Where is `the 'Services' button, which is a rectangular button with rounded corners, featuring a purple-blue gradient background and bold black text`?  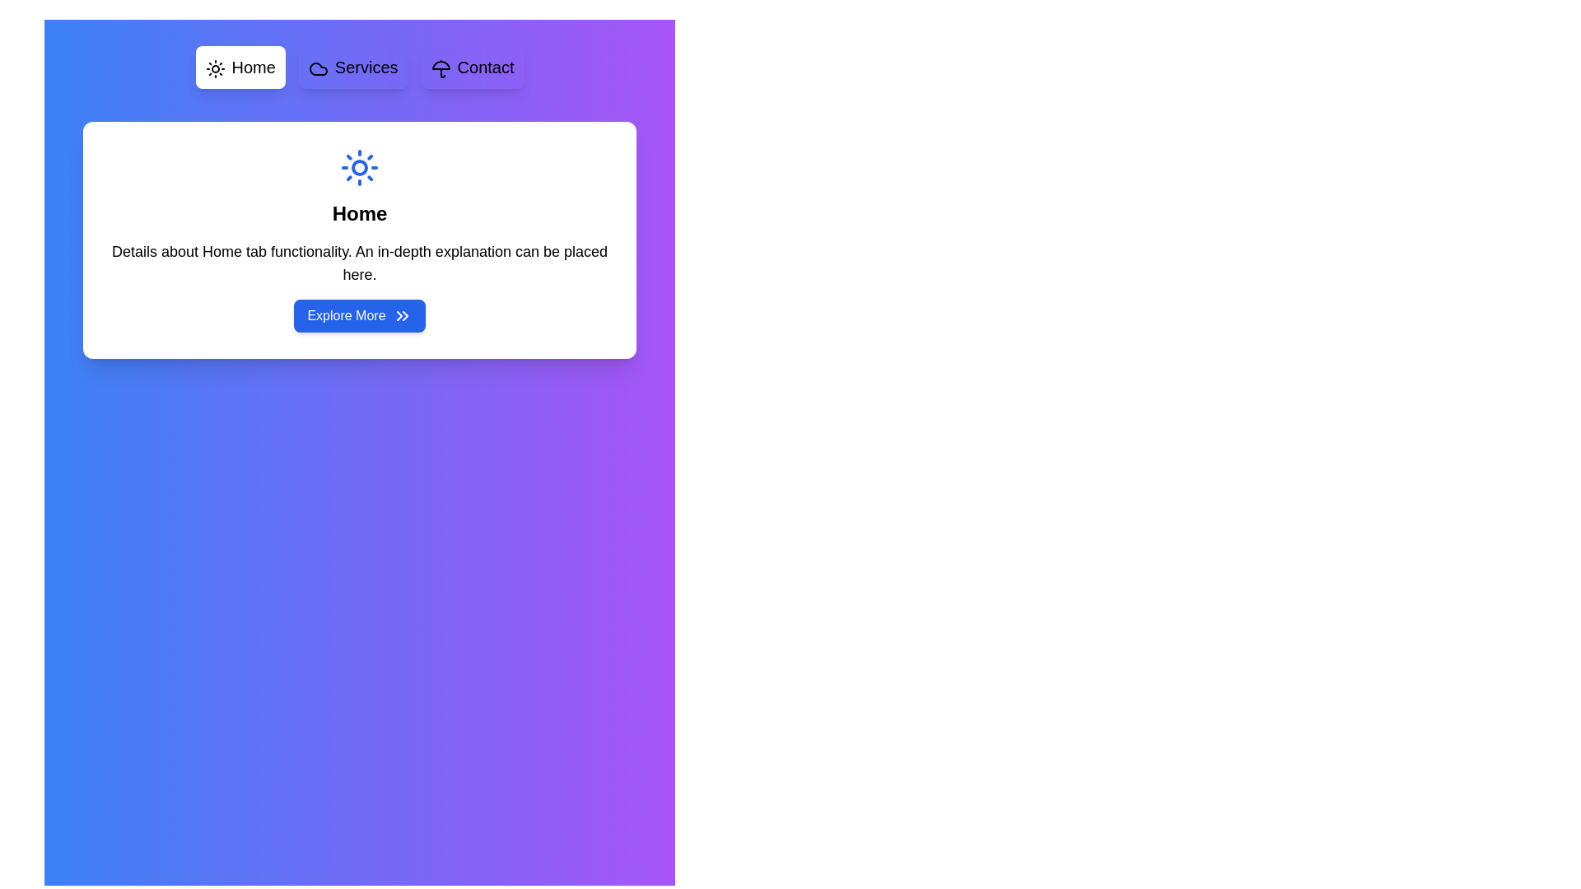
the 'Services' button, which is a rectangular button with rounded corners, featuring a purple-blue gradient background and bold black text is located at coordinates (352, 66).